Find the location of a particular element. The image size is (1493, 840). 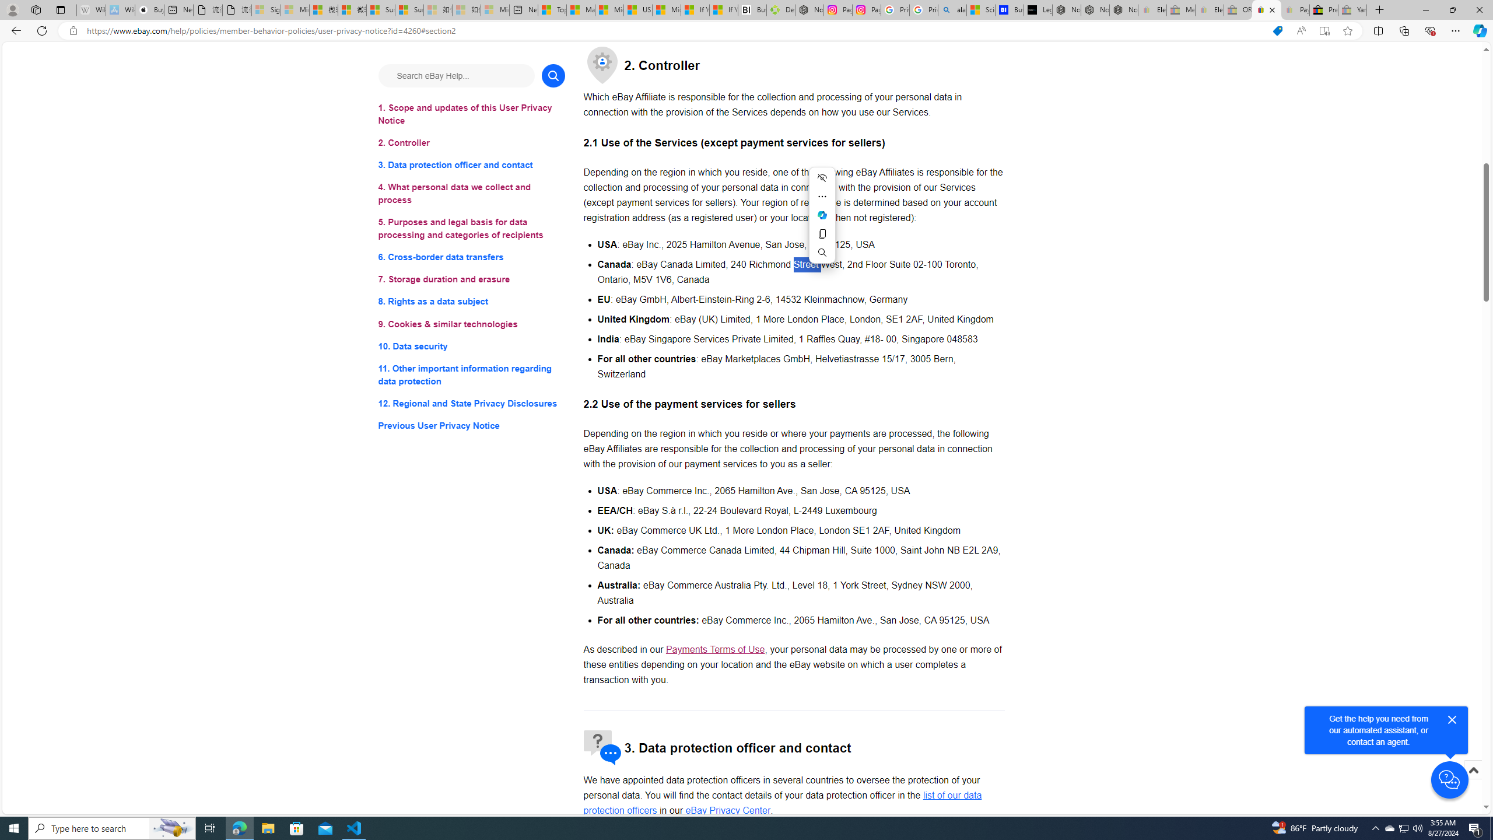

'2. Controller' is located at coordinates (471, 142).